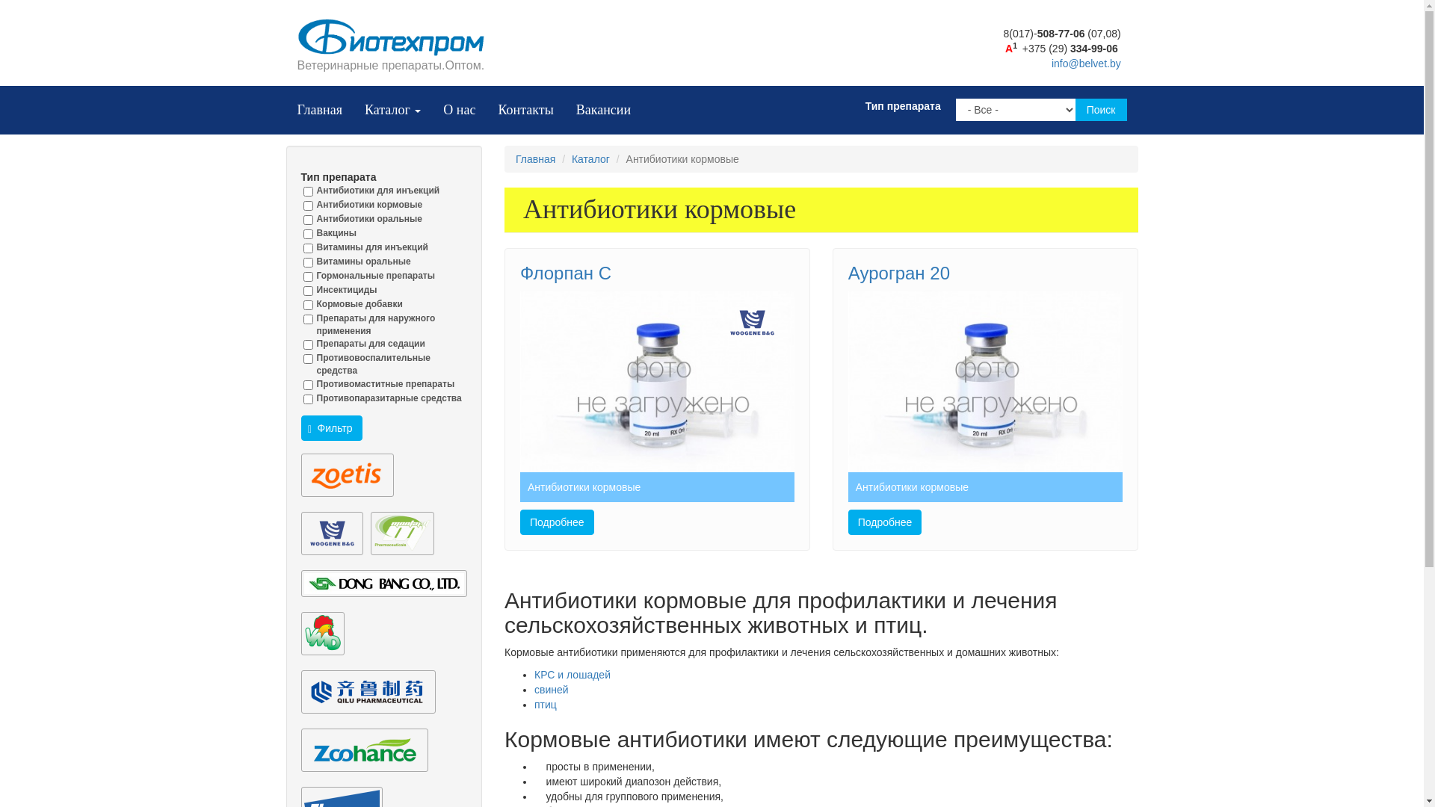 The width and height of the screenshot is (1435, 807). I want to click on 'Woogene B&G', so click(330, 532).